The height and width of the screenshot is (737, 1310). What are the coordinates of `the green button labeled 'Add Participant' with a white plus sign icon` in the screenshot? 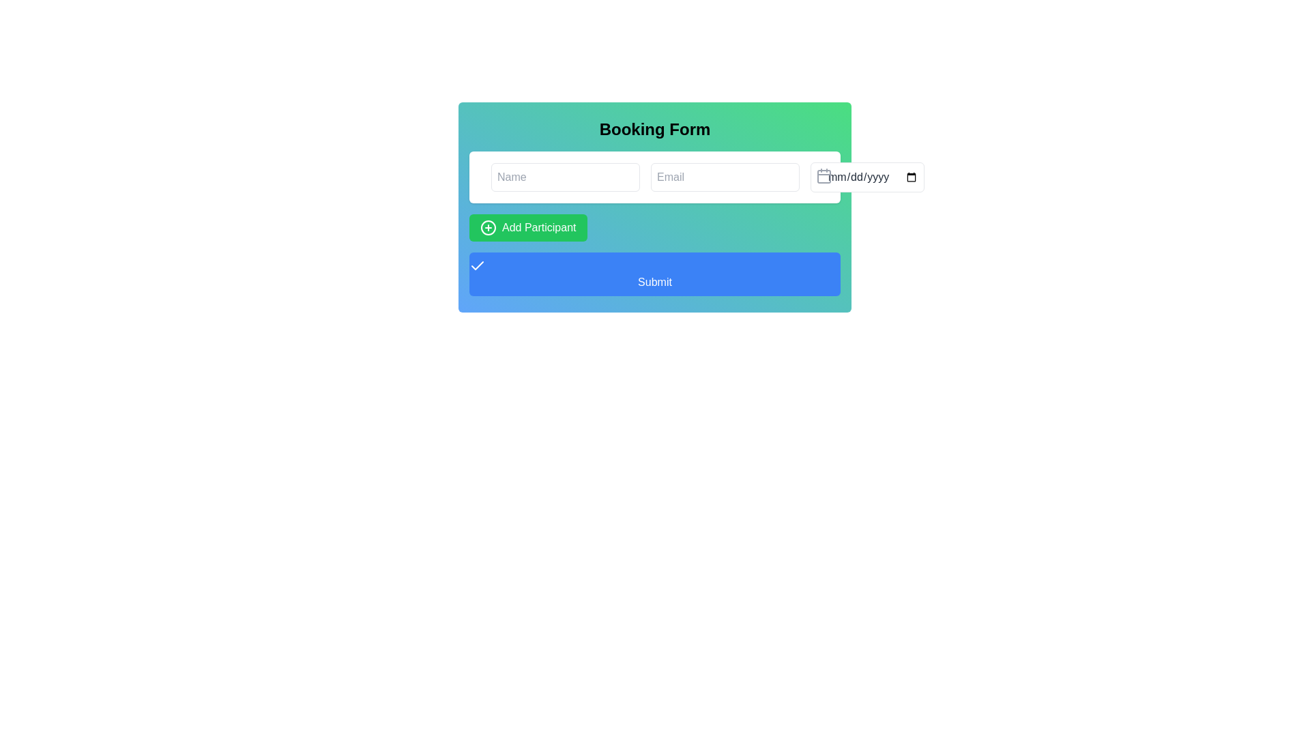 It's located at (527, 227).